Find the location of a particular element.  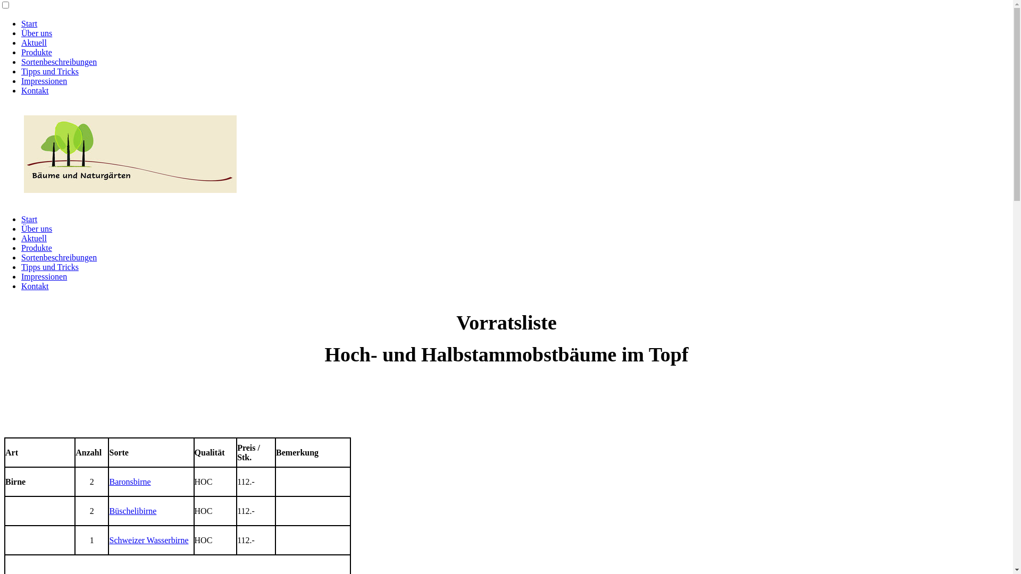

'Tipps und Tricks' is located at coordinates (49, 71).